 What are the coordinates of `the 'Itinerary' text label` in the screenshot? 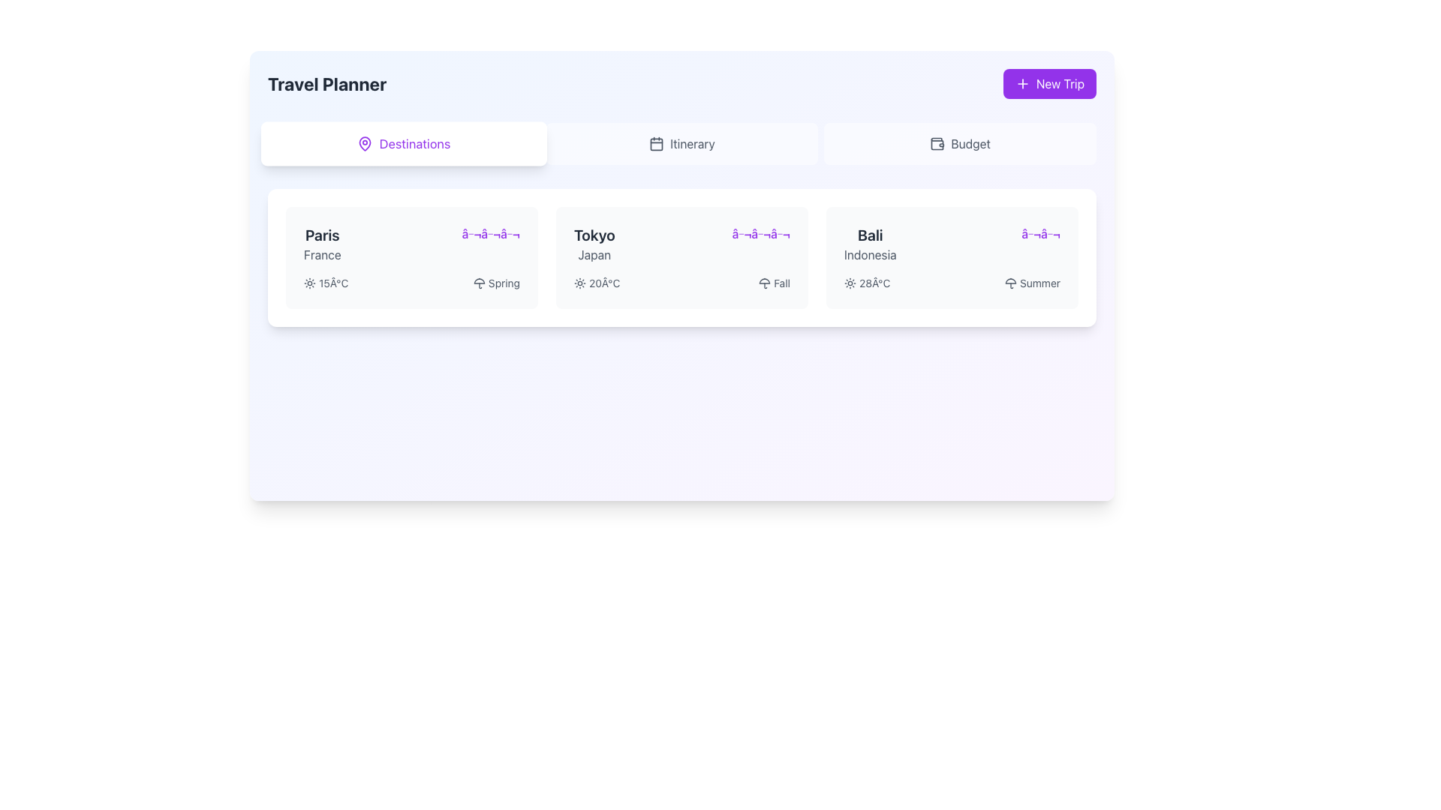 It's located at (691, 144).